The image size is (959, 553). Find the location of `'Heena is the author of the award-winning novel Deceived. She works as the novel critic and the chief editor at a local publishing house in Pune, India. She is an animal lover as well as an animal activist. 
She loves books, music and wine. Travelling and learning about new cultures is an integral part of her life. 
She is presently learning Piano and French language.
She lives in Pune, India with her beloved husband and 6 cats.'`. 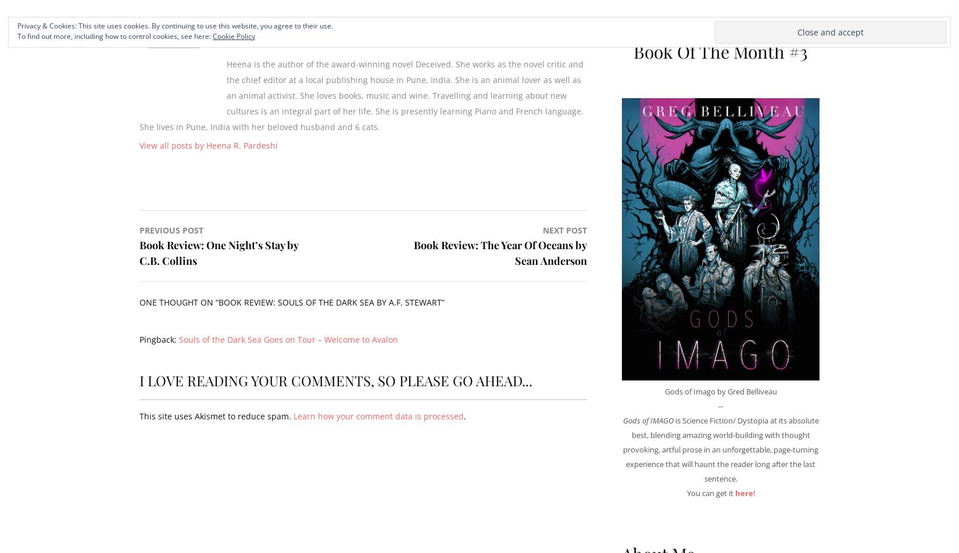

'Heena is the author of the award-winning novel Deceived. She works as the novel critic and the chief editor at a local publishing house in Pune, India. She is an animal lover as well as an animal activist. 
She loves books, music and wine. Travelling and learning about new cultures is an integral part of her life. 
She is presently learning Piano and French language.
She lives in Pune, India with her beloved husband and 6 cats.' is located at coordinates (361, 95).